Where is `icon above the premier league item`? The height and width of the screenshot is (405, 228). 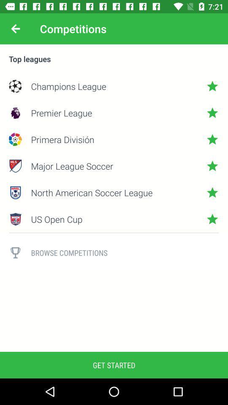
icon above the premier league item is located at coordinates (114, 86).